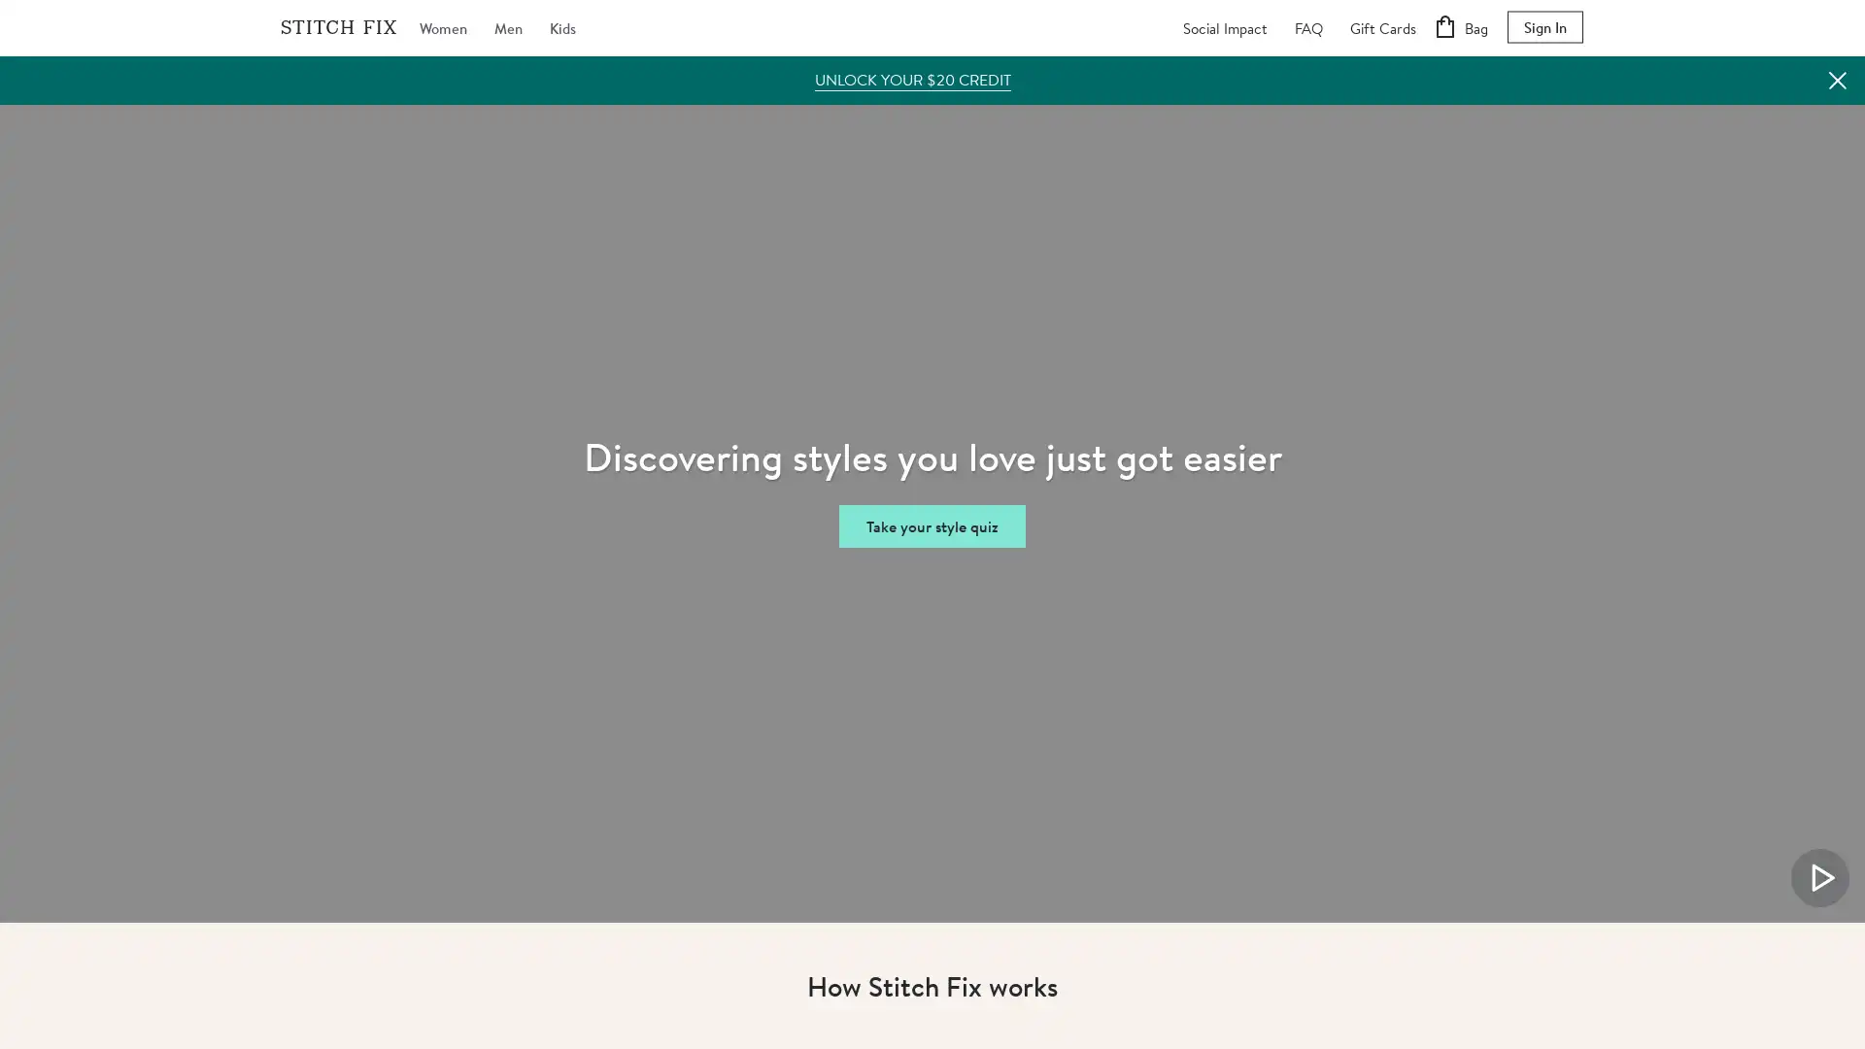 This screenshot has width=1865, height=1049. Describe the element at coordinates (912, 78) in the screenshot. I see `UNLOCK YOUR $20 CREDIT` at that location.